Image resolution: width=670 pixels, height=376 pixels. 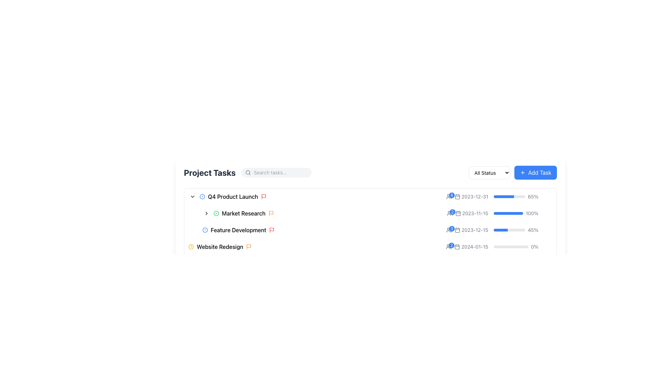 I want to click on the static text label displaying '65%' which is aligned to the right side of a progress bar, located in the top-right corner of the first task row within the Project Tasks list layout, so click(x=533, y=196).